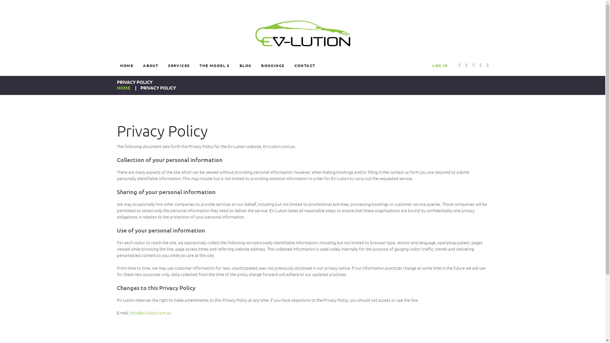 Image resolution: width=610 pixels, height=343 pixels. I want to click on 'LOG IN', so click(440, 65).